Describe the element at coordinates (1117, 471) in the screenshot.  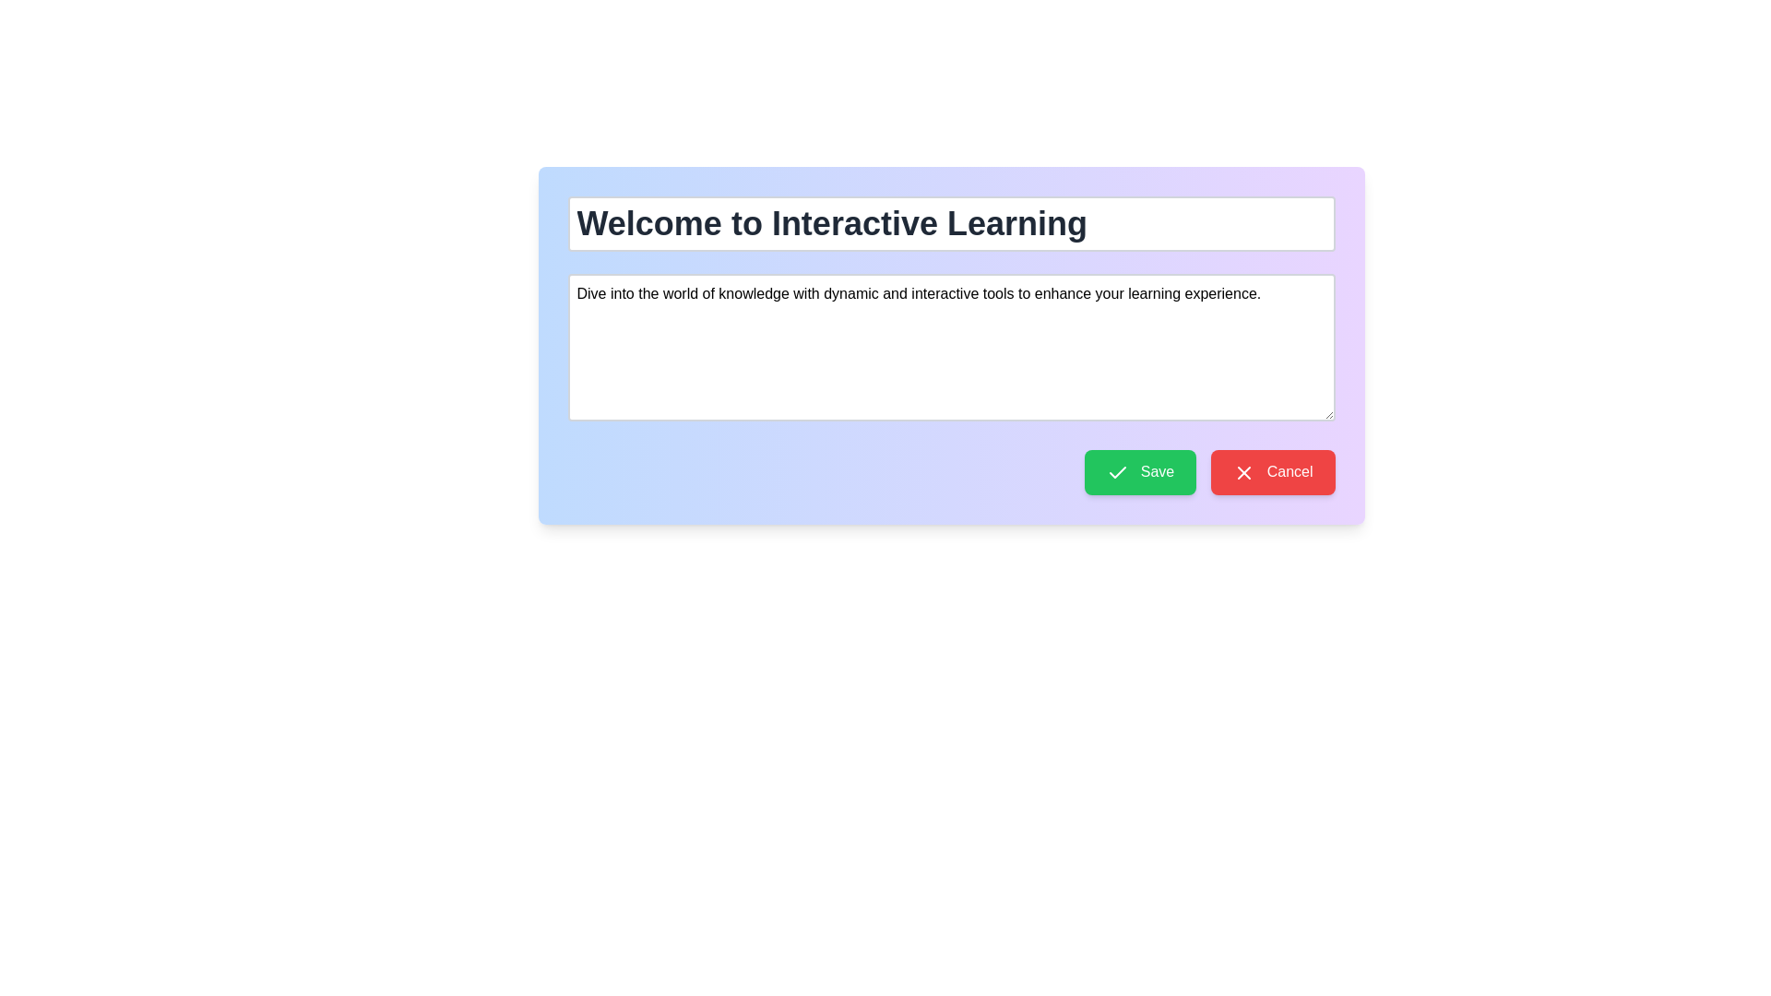
I see `the checkmark icon located to the left of the 'Save' button, which visually indicates the save action` at that location.